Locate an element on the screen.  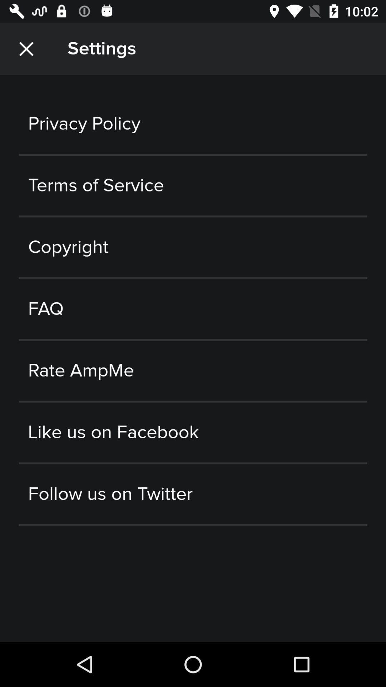
item next to settings icon is located at coordinates (26, 48).